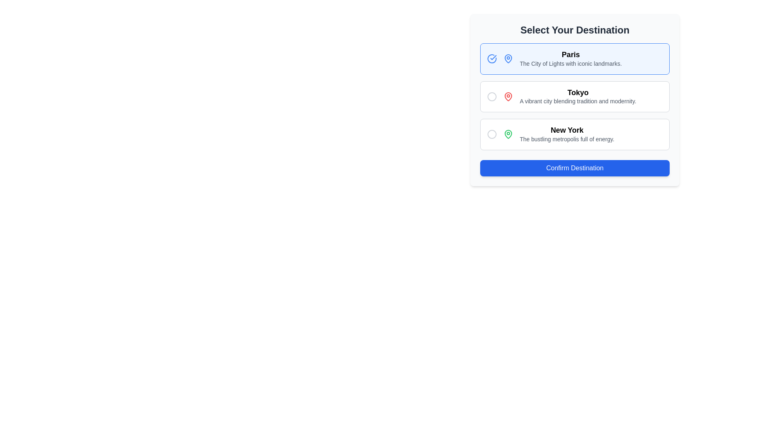 This screenshot has height=441, width=784. I want to click on the descriptive label providing additional information about the 'Paris' selection option located in the top option section of the list 'Select Your Destination', so click(570, 63).